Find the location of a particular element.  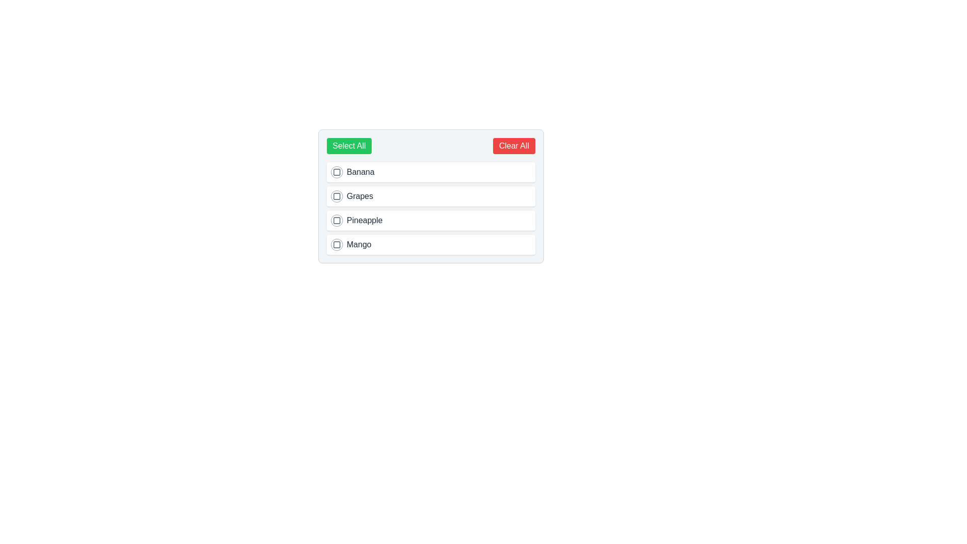

the 'Select All' button which is a rectangular button with a green background and white text, located on the left side of a horizontal layout is located at coordinates (349, 146).